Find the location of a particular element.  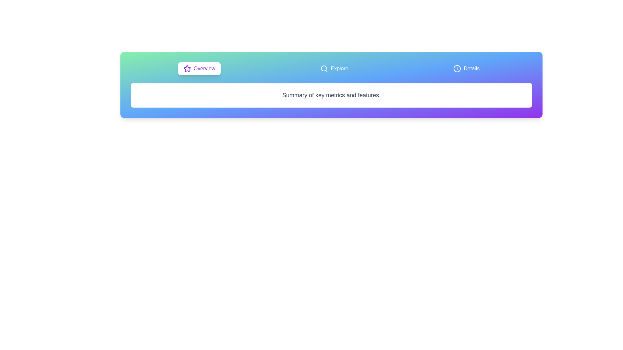

the Explore tab to display its content is located at coordinates (334, 69).